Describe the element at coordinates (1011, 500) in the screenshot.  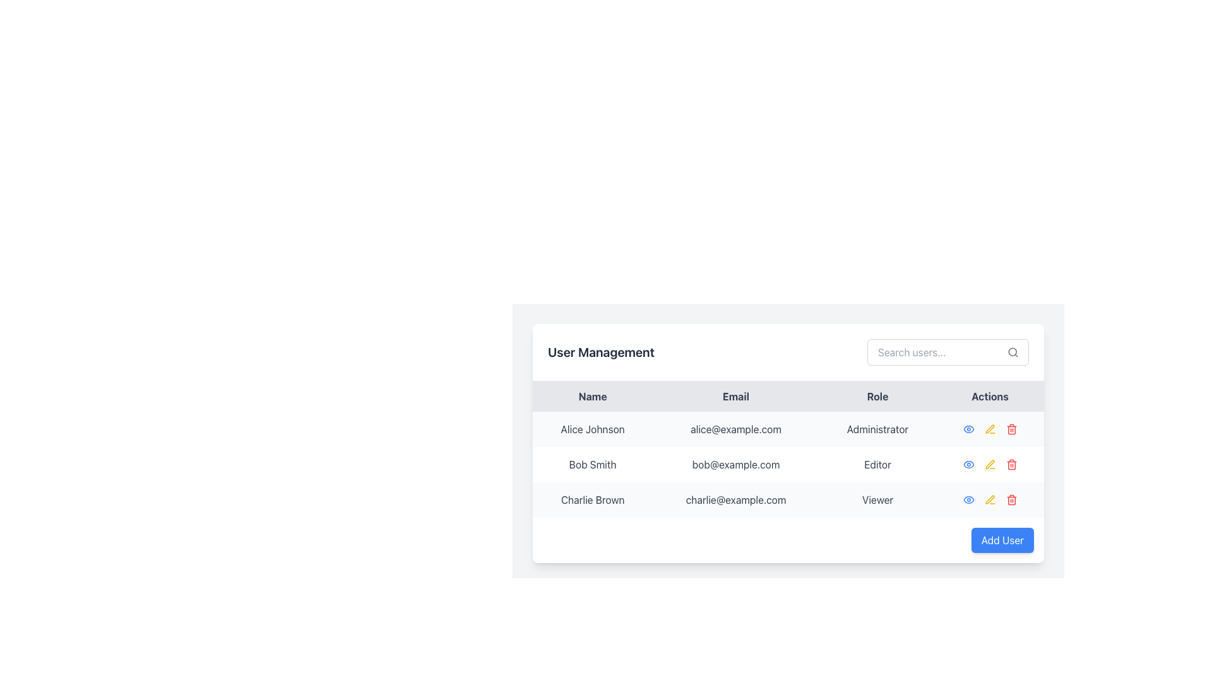
I see `the trash can icon in the 'Actions' column of the user management table, which signifies the 'delete' action` at that location.